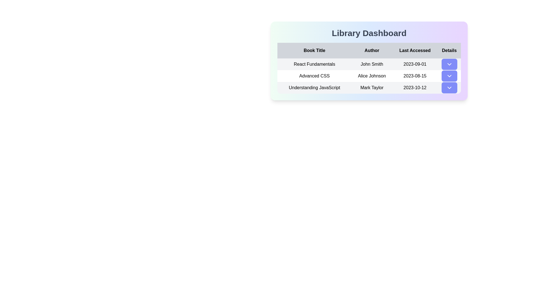  Describe the element at coordinates (314, 64) in the screenshot. I see `information from the text label titled 'React Fundamentals', located in the first column of the first row of the structured layout` at that location.